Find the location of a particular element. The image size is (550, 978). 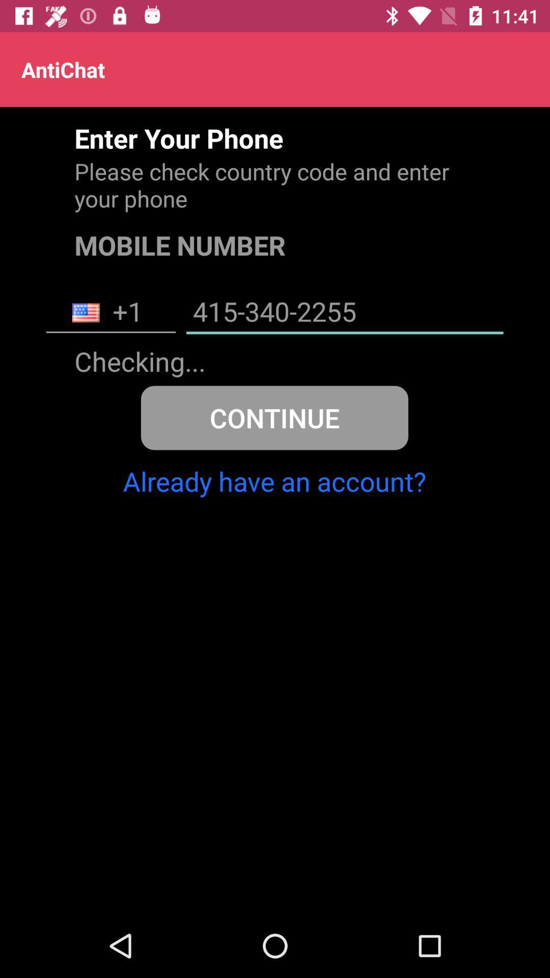

icon below mobile number item is located at coordinates (344, 312).